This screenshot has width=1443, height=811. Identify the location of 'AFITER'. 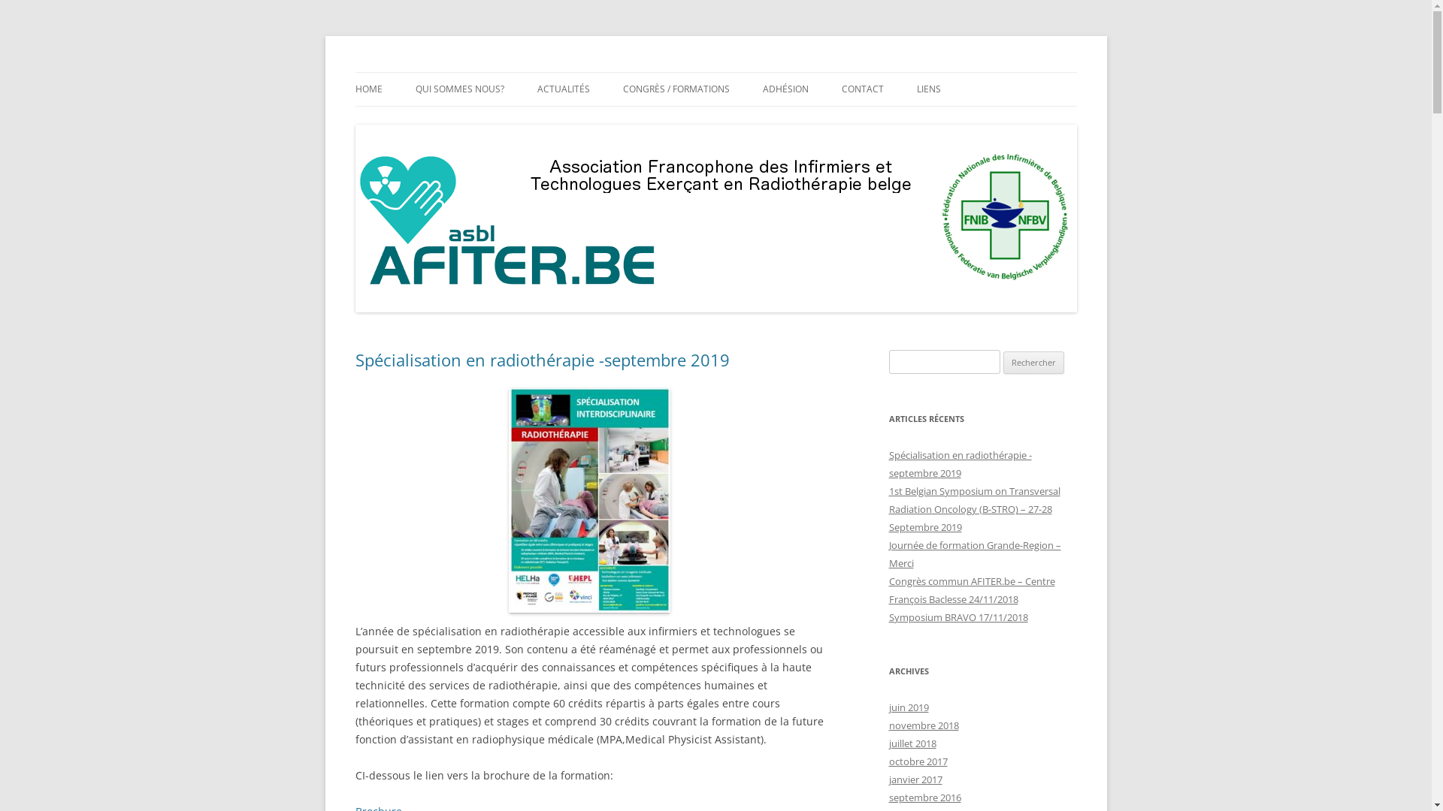
(387, 72).